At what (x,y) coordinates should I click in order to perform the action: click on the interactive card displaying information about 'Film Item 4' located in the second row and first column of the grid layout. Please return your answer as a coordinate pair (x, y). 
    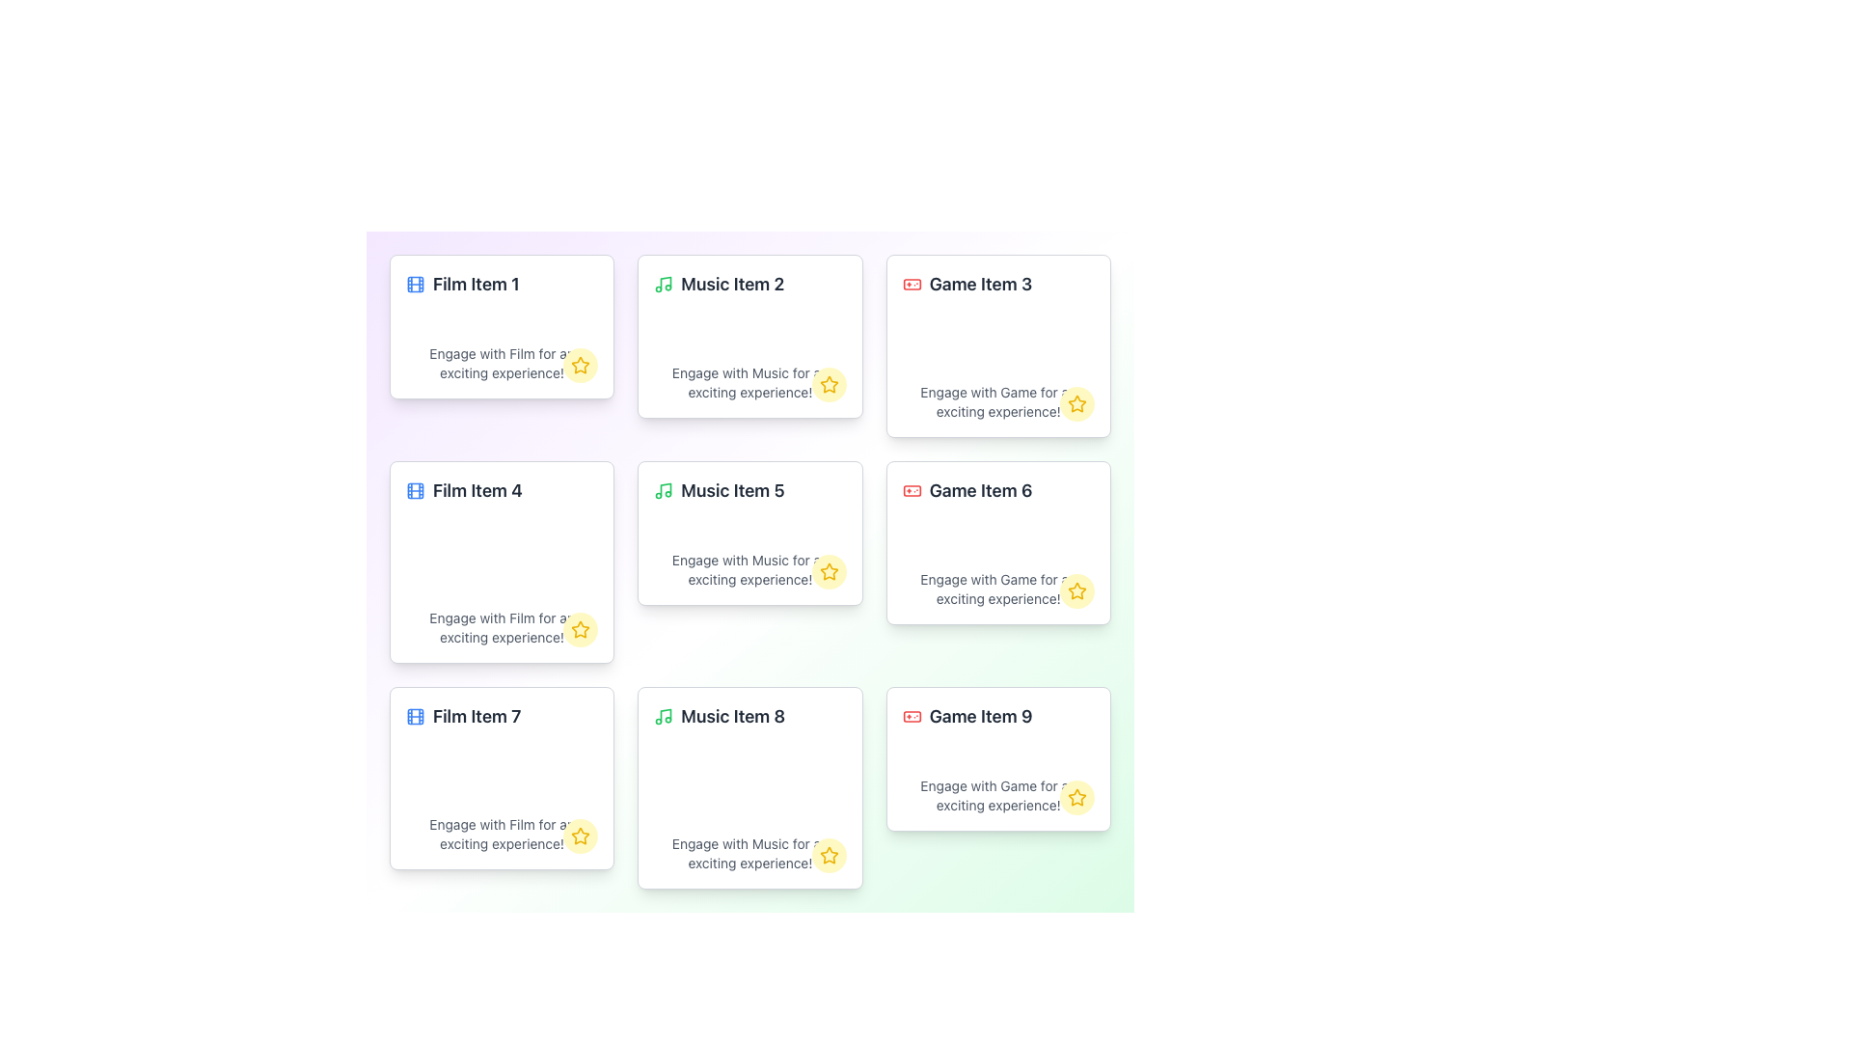
    Looking at the image, I should click on (502, 562).